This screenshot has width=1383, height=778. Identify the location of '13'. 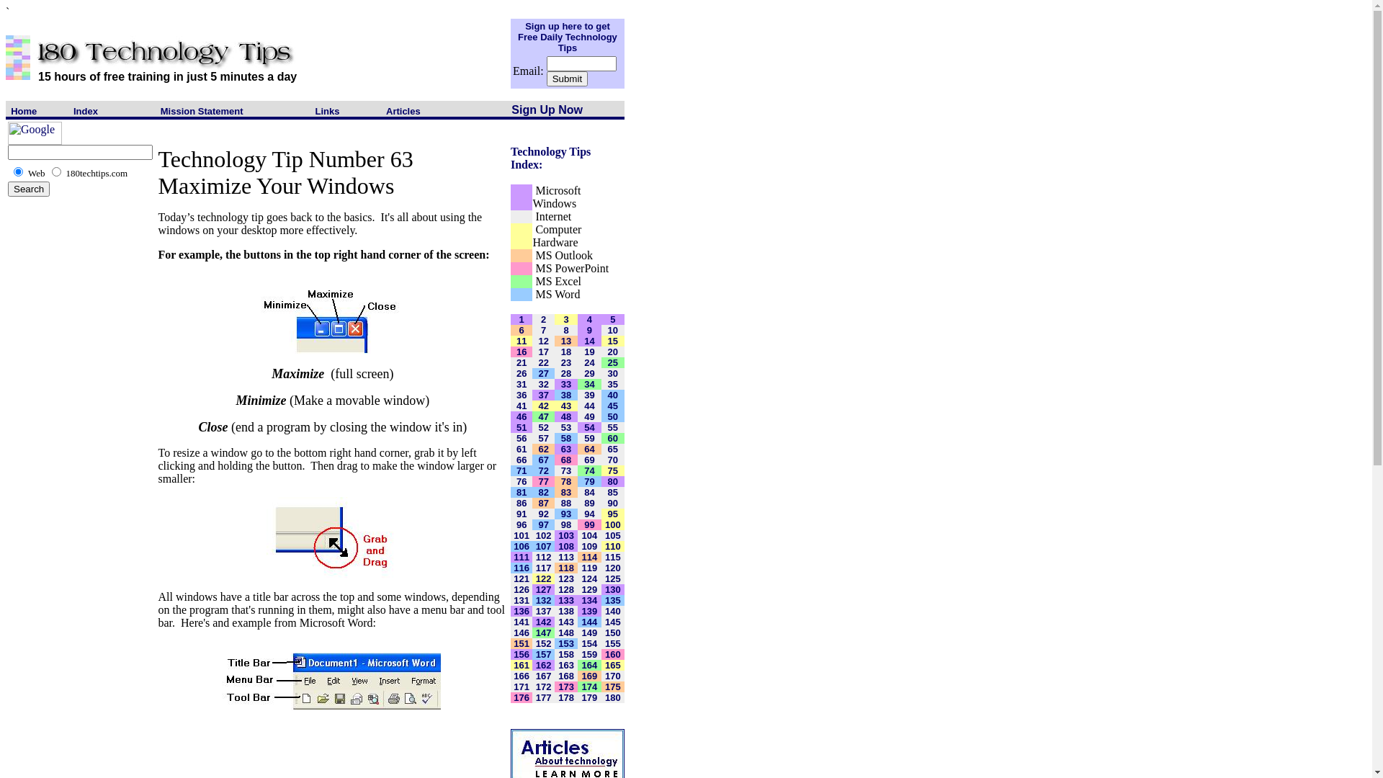
(560, 341).